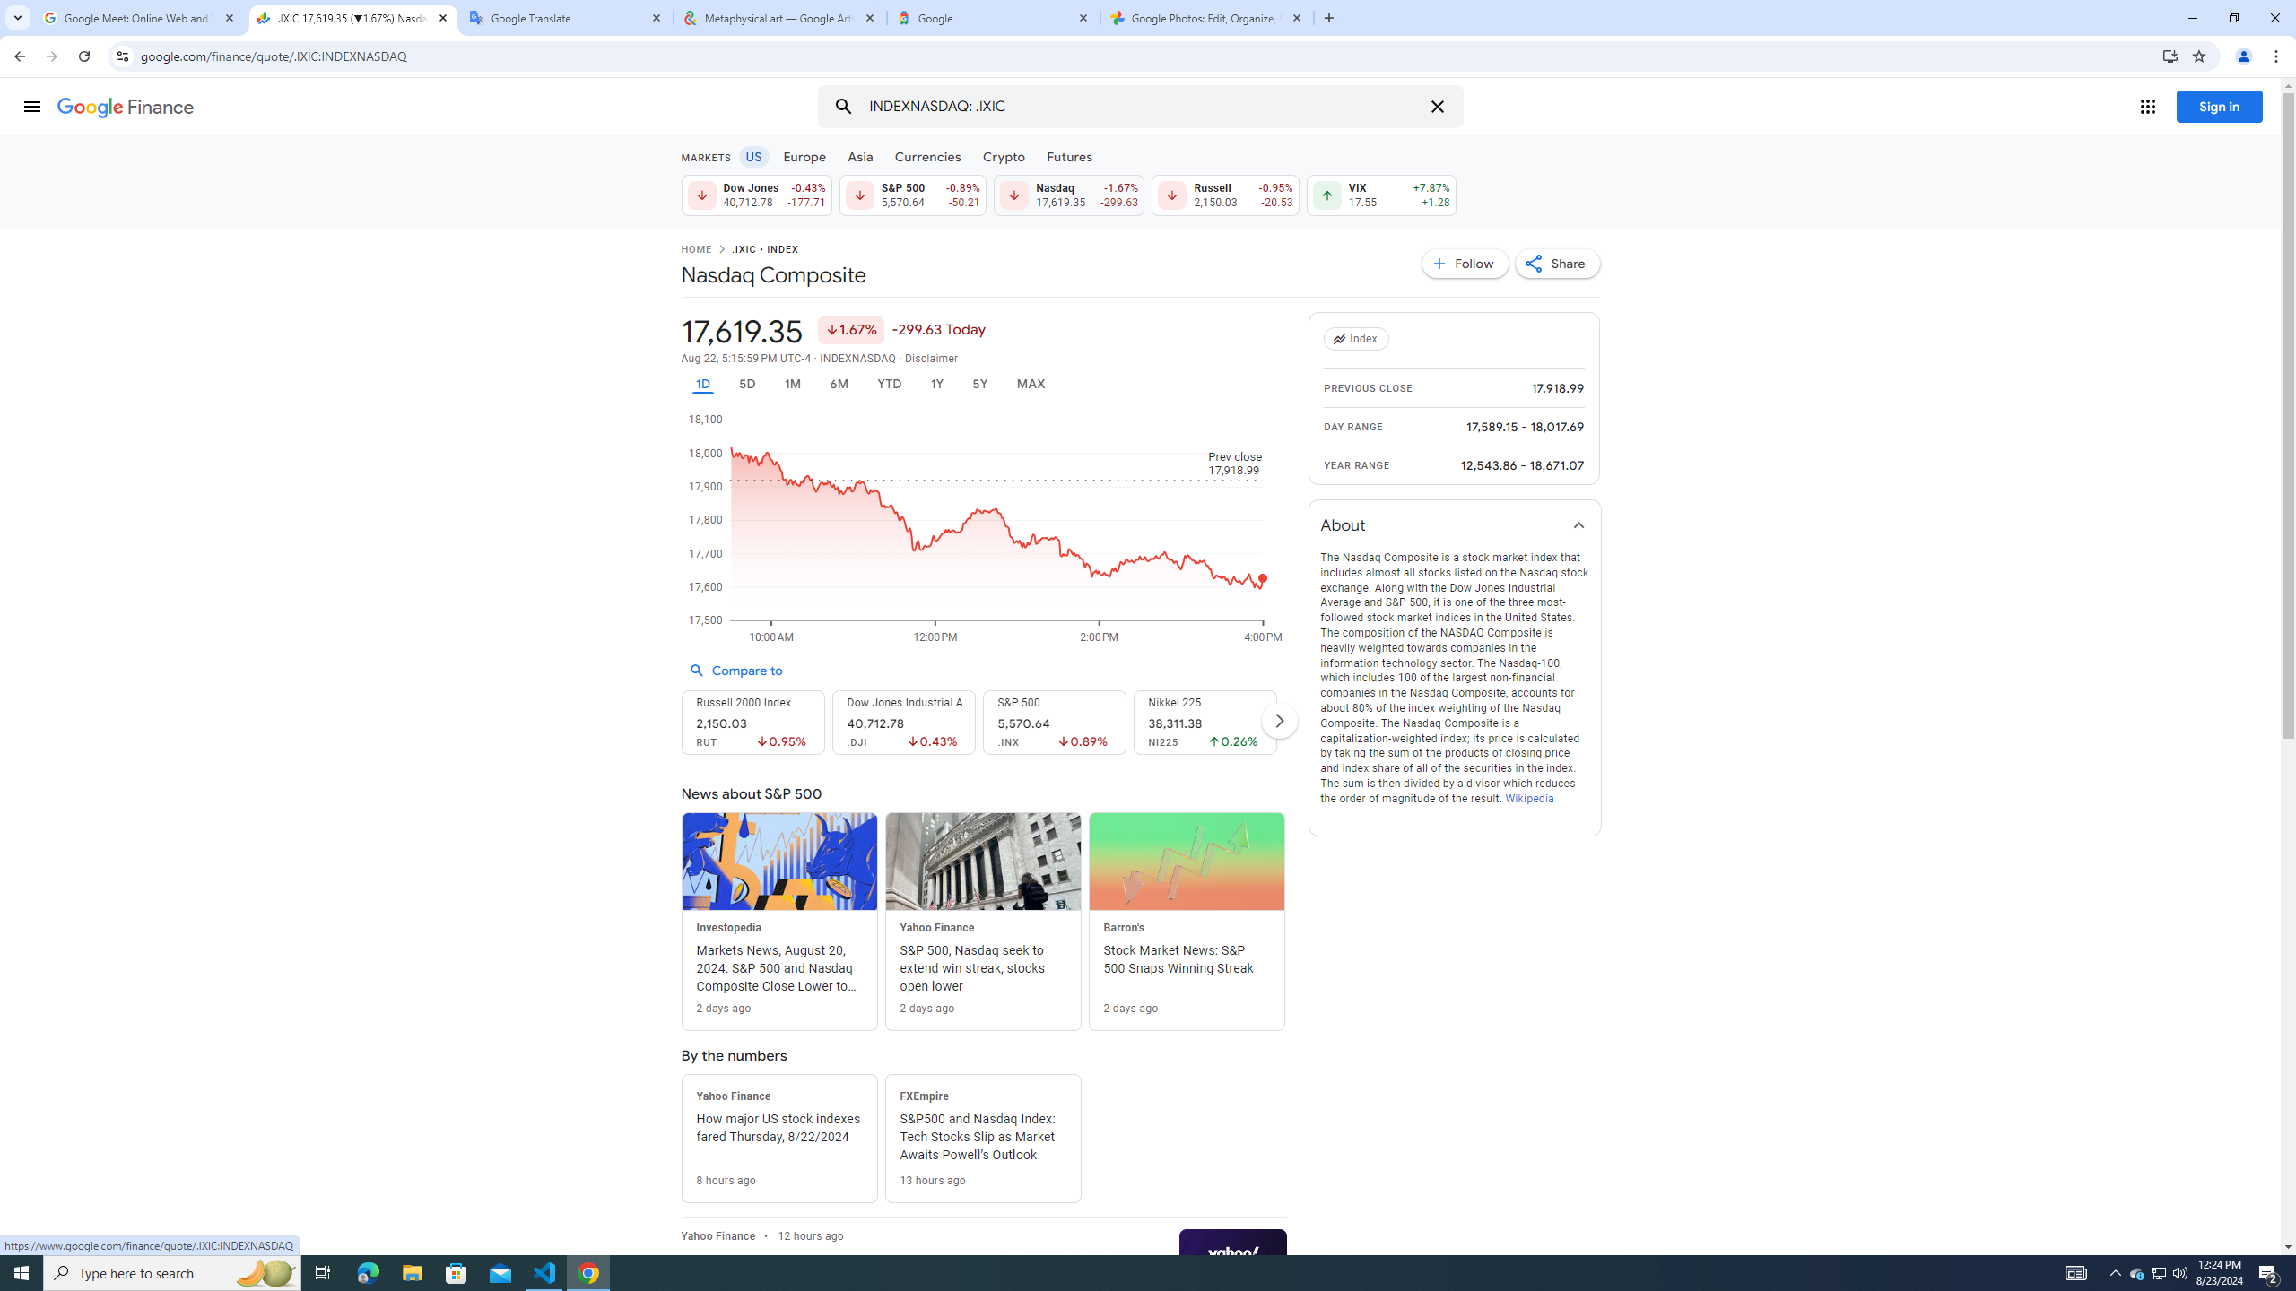 The height and width of the screenshot is (1291, 2296). Describe the element at coordinates (566, 17) in the screenshot. I see `'Google Translate'` at that location.